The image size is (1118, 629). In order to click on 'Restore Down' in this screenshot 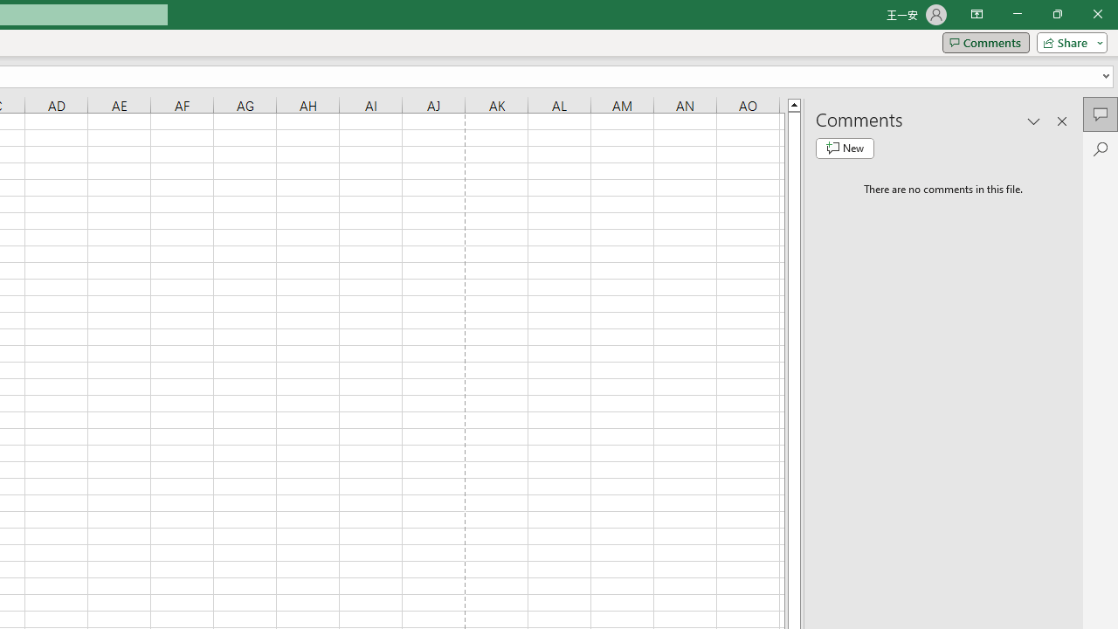, I will do `click(1056, 14)`.